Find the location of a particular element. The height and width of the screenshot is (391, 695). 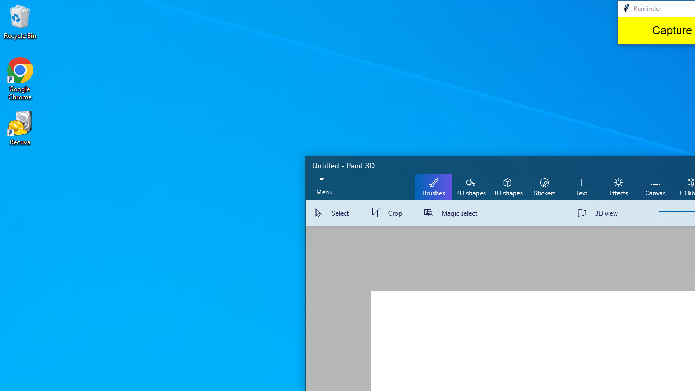

'Select' is located at coordinates (333, 213).